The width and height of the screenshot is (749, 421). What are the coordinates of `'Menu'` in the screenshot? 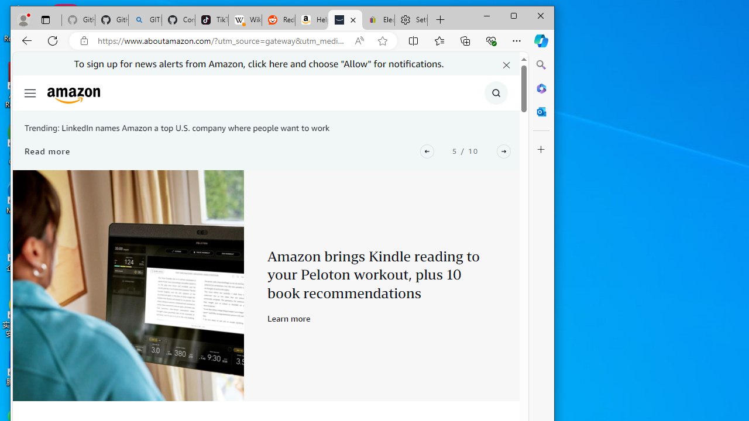 It's located at (30, 92).